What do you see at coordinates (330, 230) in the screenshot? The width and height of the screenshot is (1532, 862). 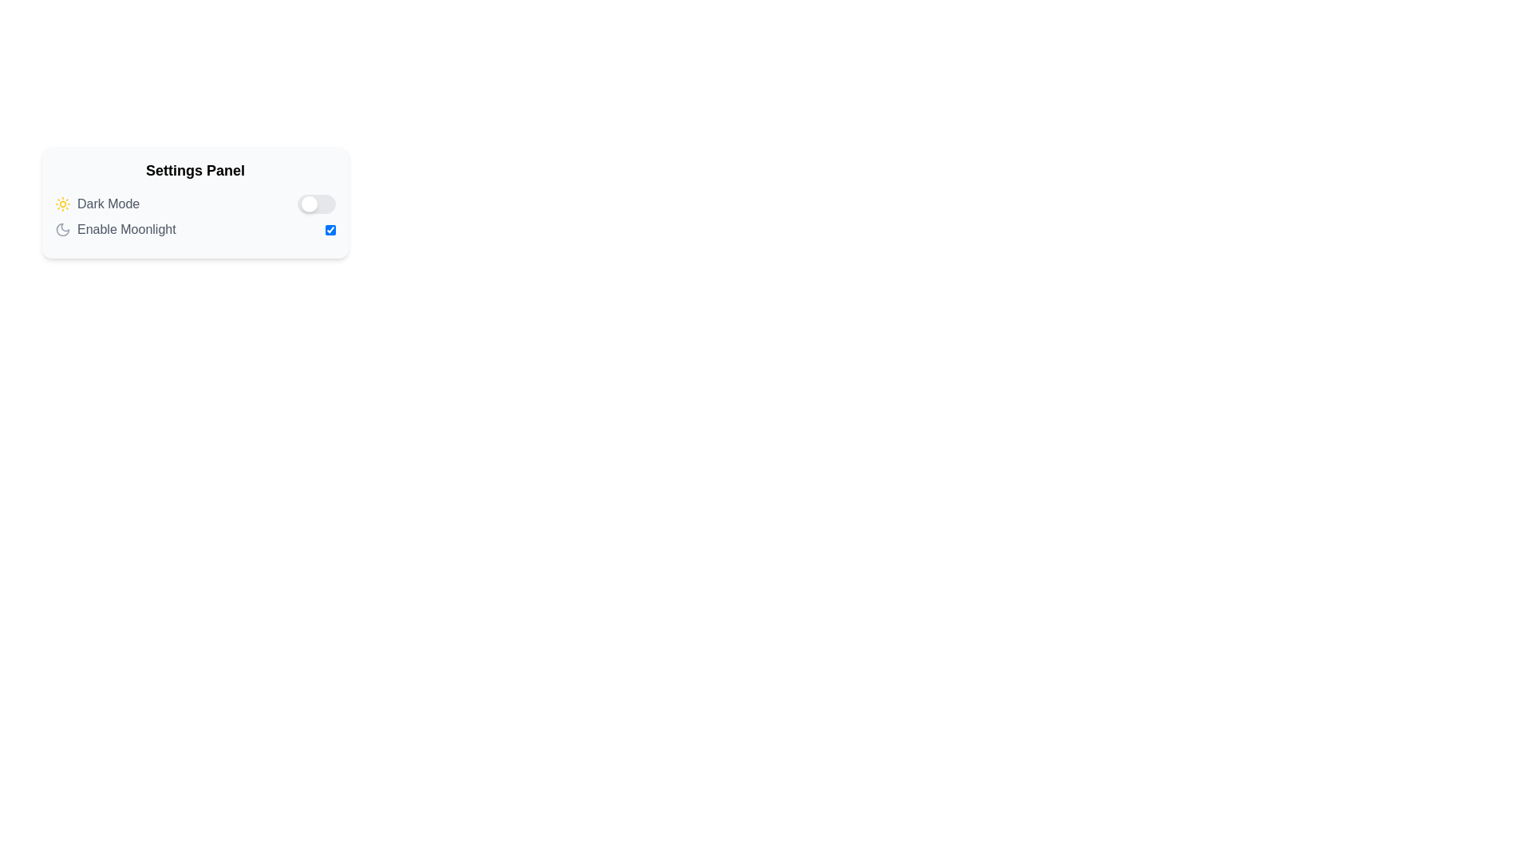 I see `the selected checkbox located to the right of the 'Enable Moonlight' setting` at bounding box center [330, 230].